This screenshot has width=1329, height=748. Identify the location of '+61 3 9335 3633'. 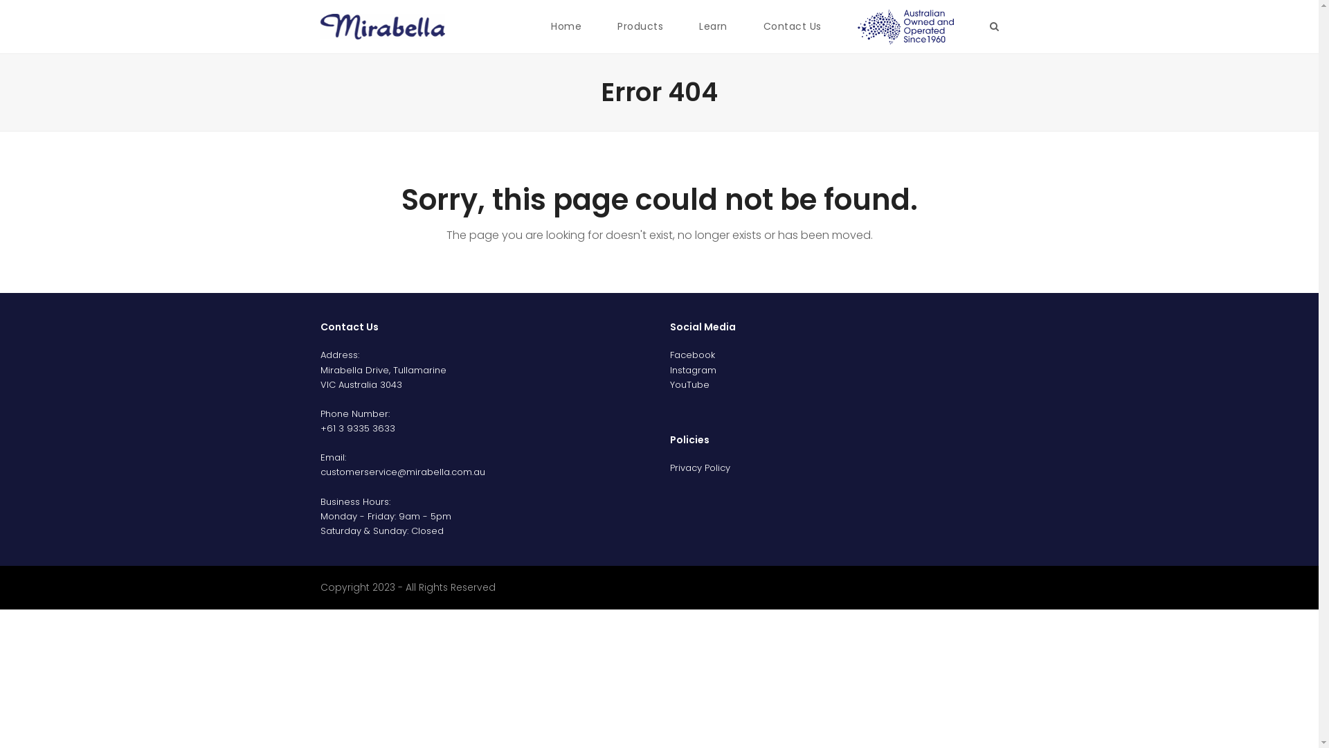
(356, 427).